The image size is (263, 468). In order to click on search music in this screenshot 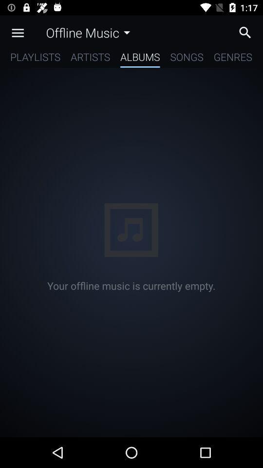, I will do `click(247, 32)`.